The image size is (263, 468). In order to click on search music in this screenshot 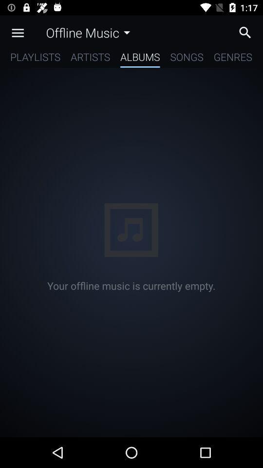, I will do `click(247, 32)`.